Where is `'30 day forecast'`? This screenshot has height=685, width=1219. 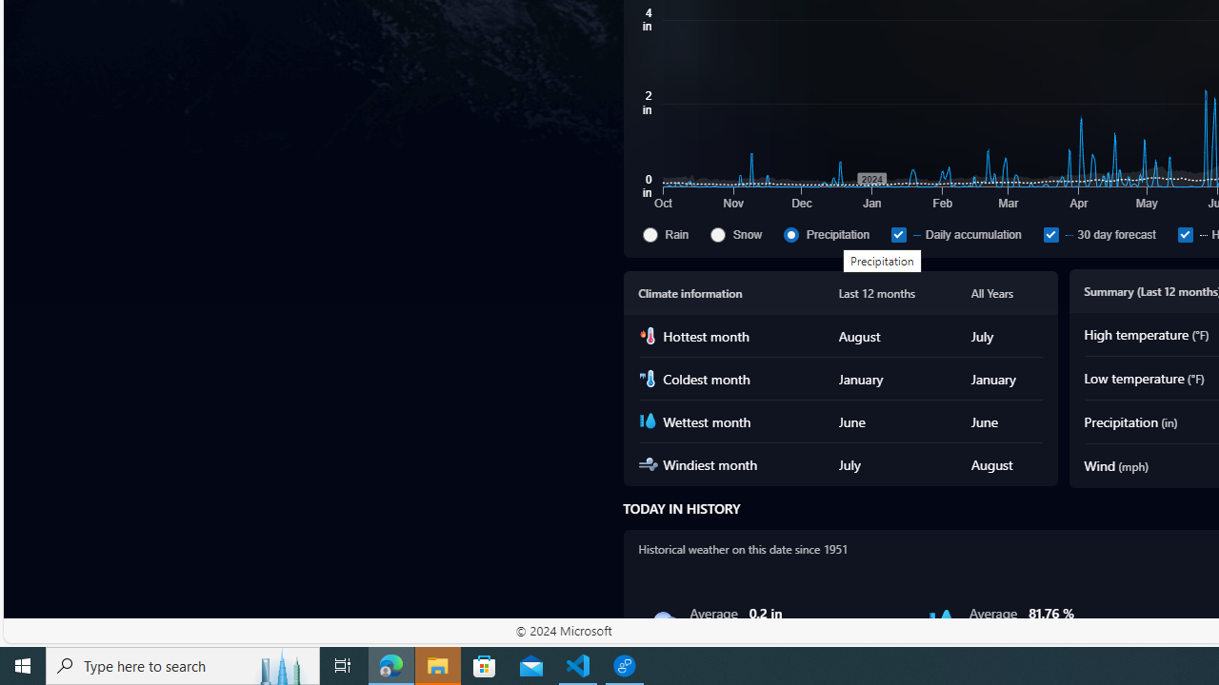
'30 day forecast' is located at coordinates (1049, 233).